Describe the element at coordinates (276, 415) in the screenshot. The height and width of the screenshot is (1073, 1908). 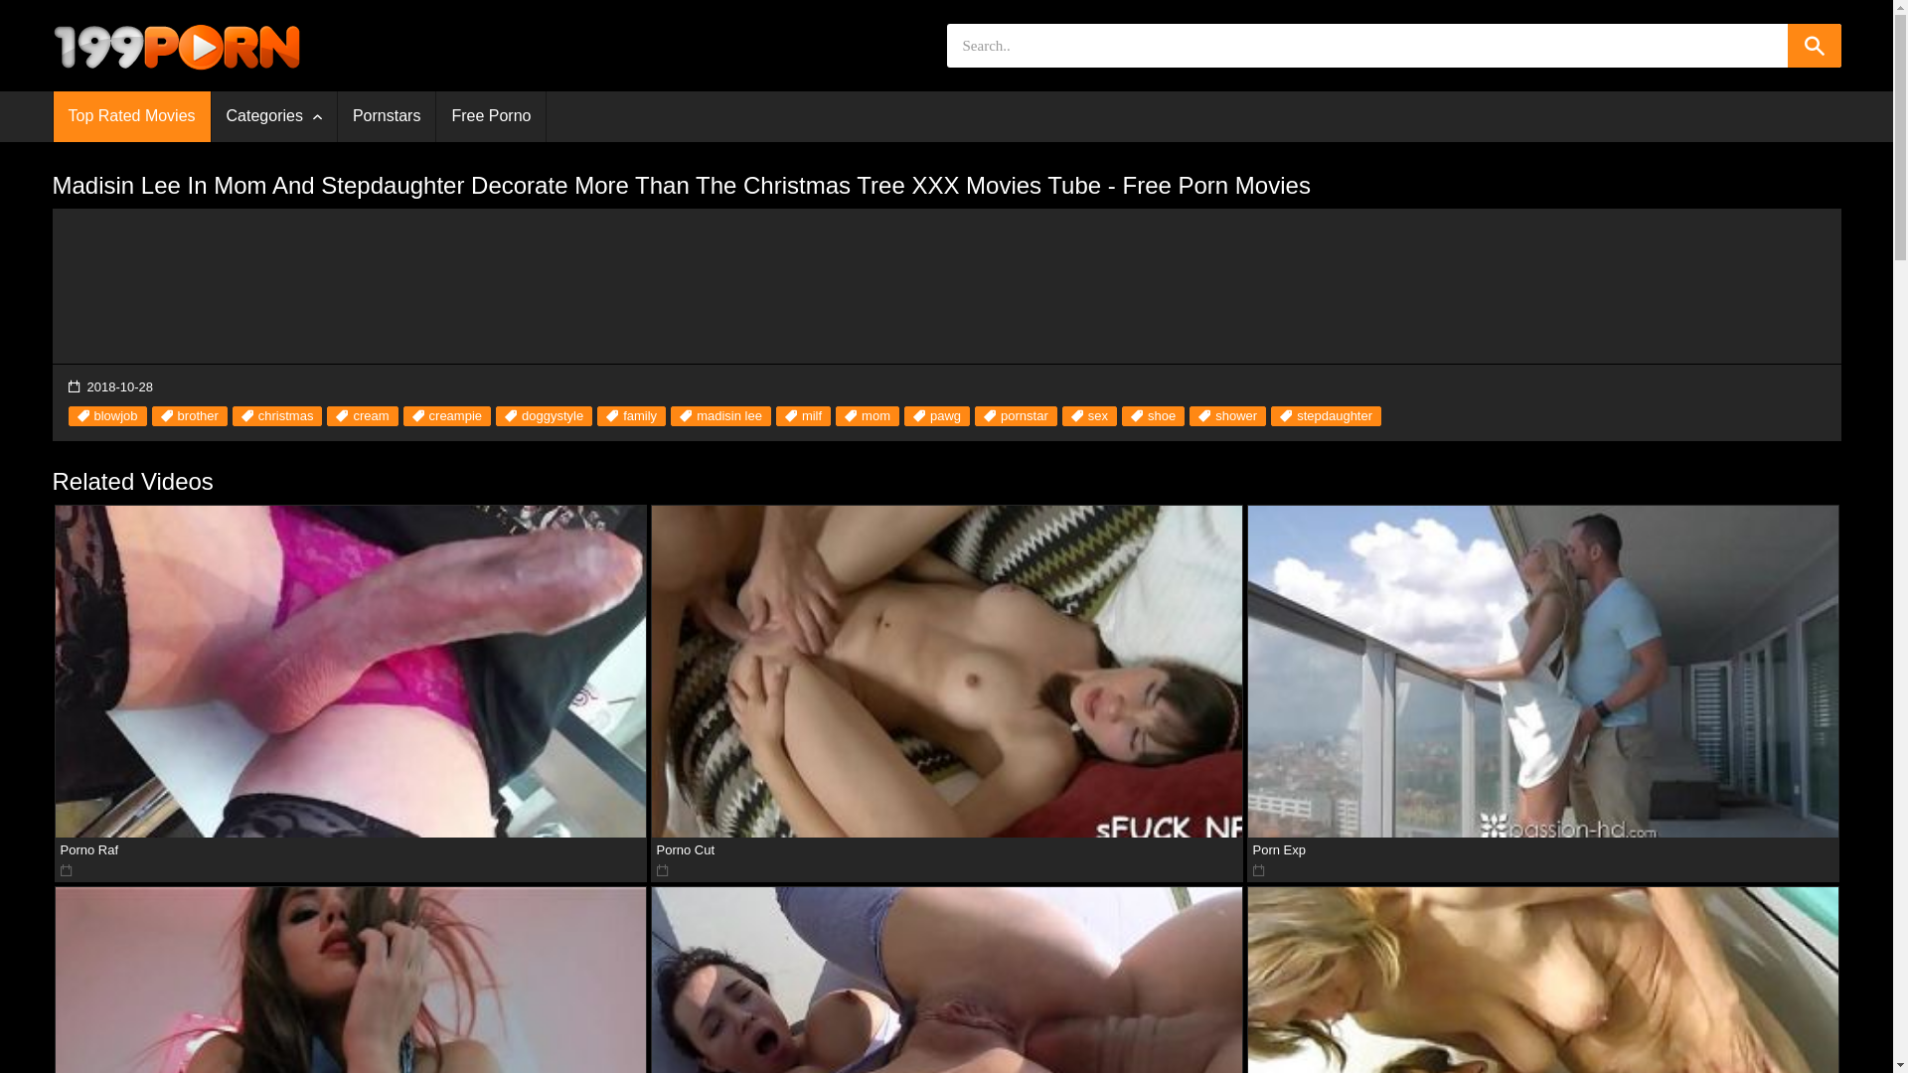
I see `'christmas'` at that location.